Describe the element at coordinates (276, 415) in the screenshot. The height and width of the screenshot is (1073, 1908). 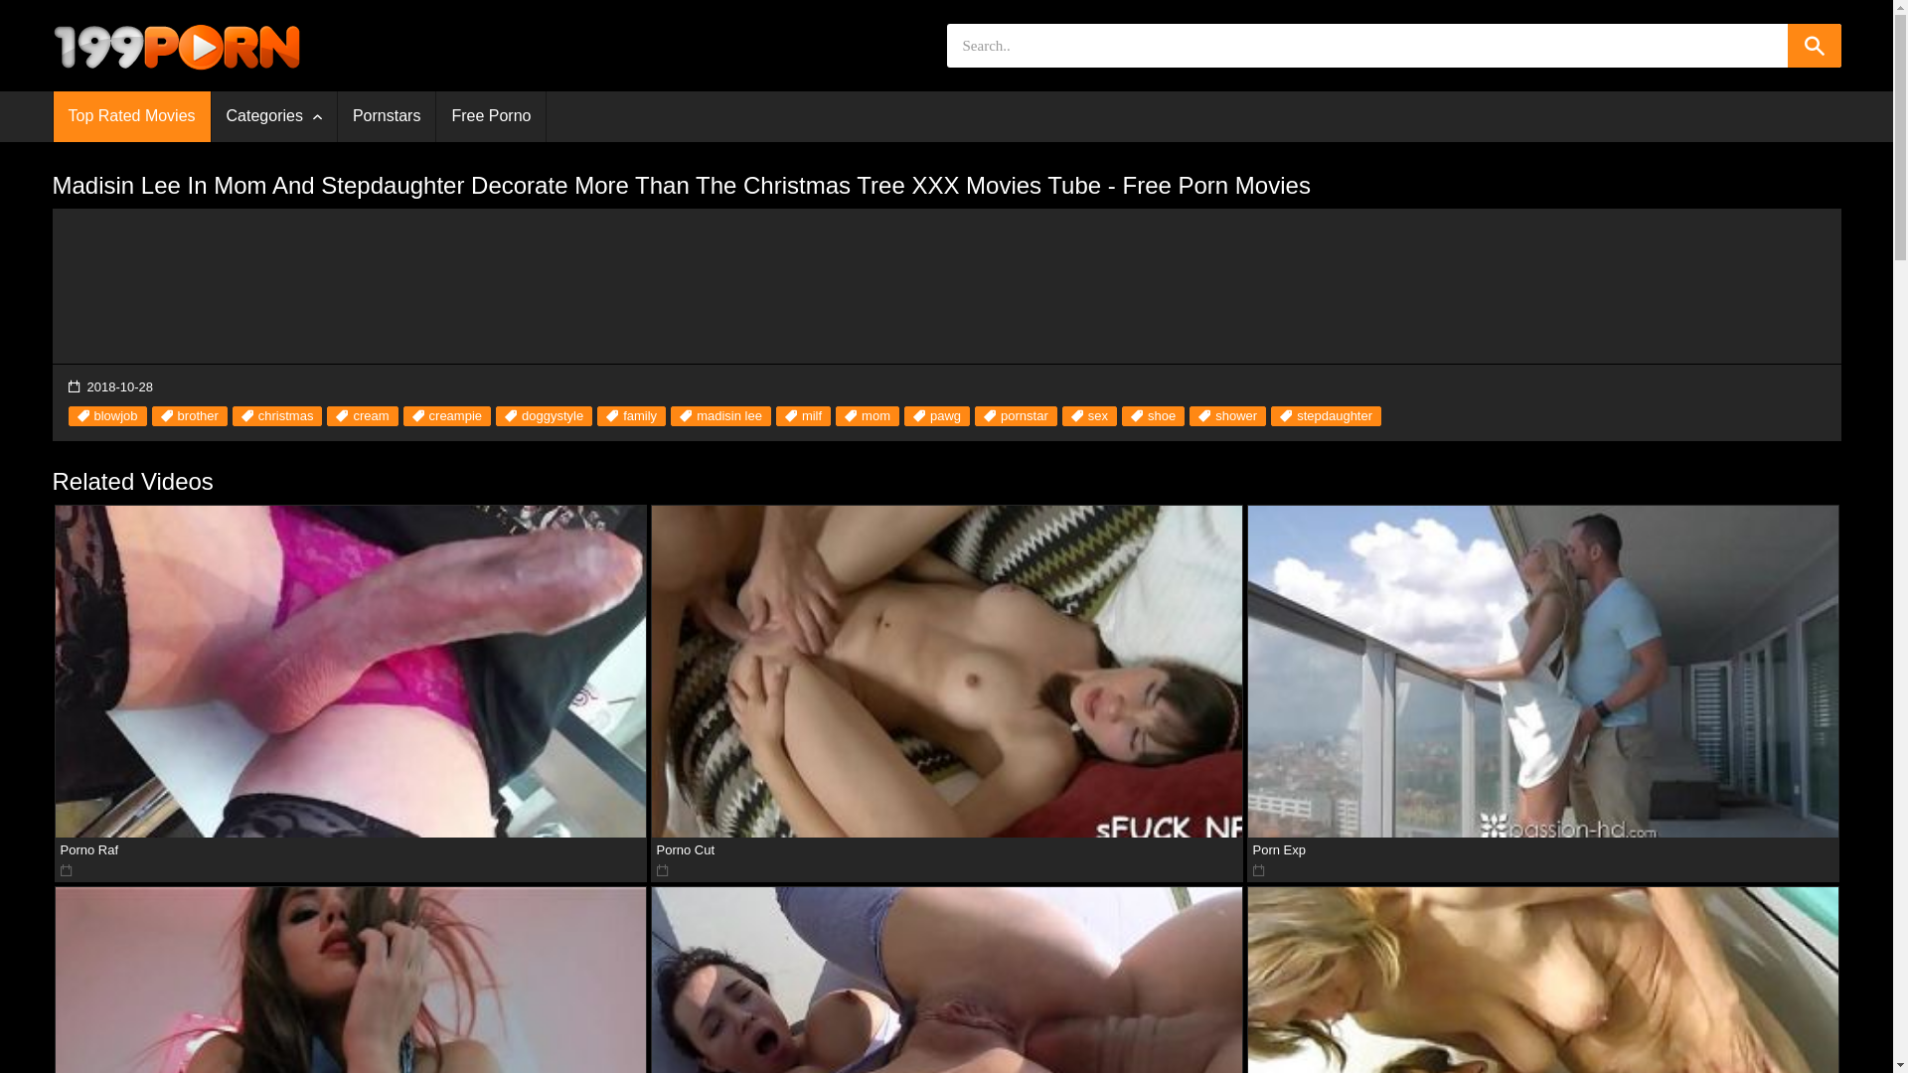
I see `'christmas'` at that location.